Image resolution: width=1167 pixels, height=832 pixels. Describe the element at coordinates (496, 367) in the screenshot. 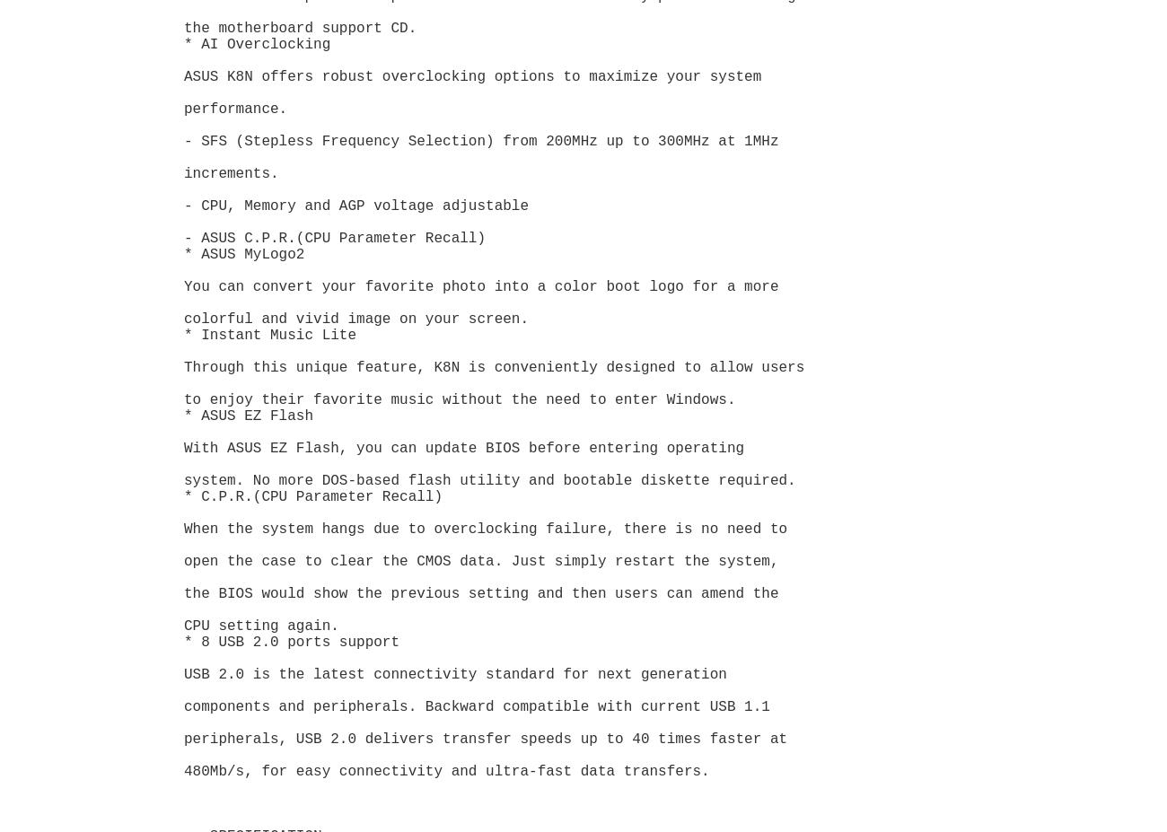

I see `'Through this unique feature, K8N is conveniently designed to allow users'` at that location.